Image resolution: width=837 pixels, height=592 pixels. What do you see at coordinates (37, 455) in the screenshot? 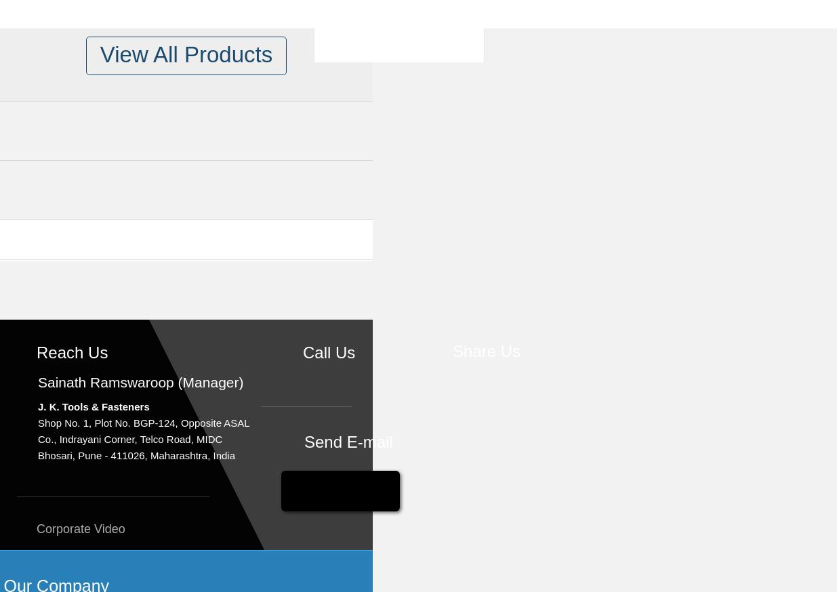
I see `'Bhosari, Pune - 411026, Maharashtra, India'` at bounding box center [37, 455].